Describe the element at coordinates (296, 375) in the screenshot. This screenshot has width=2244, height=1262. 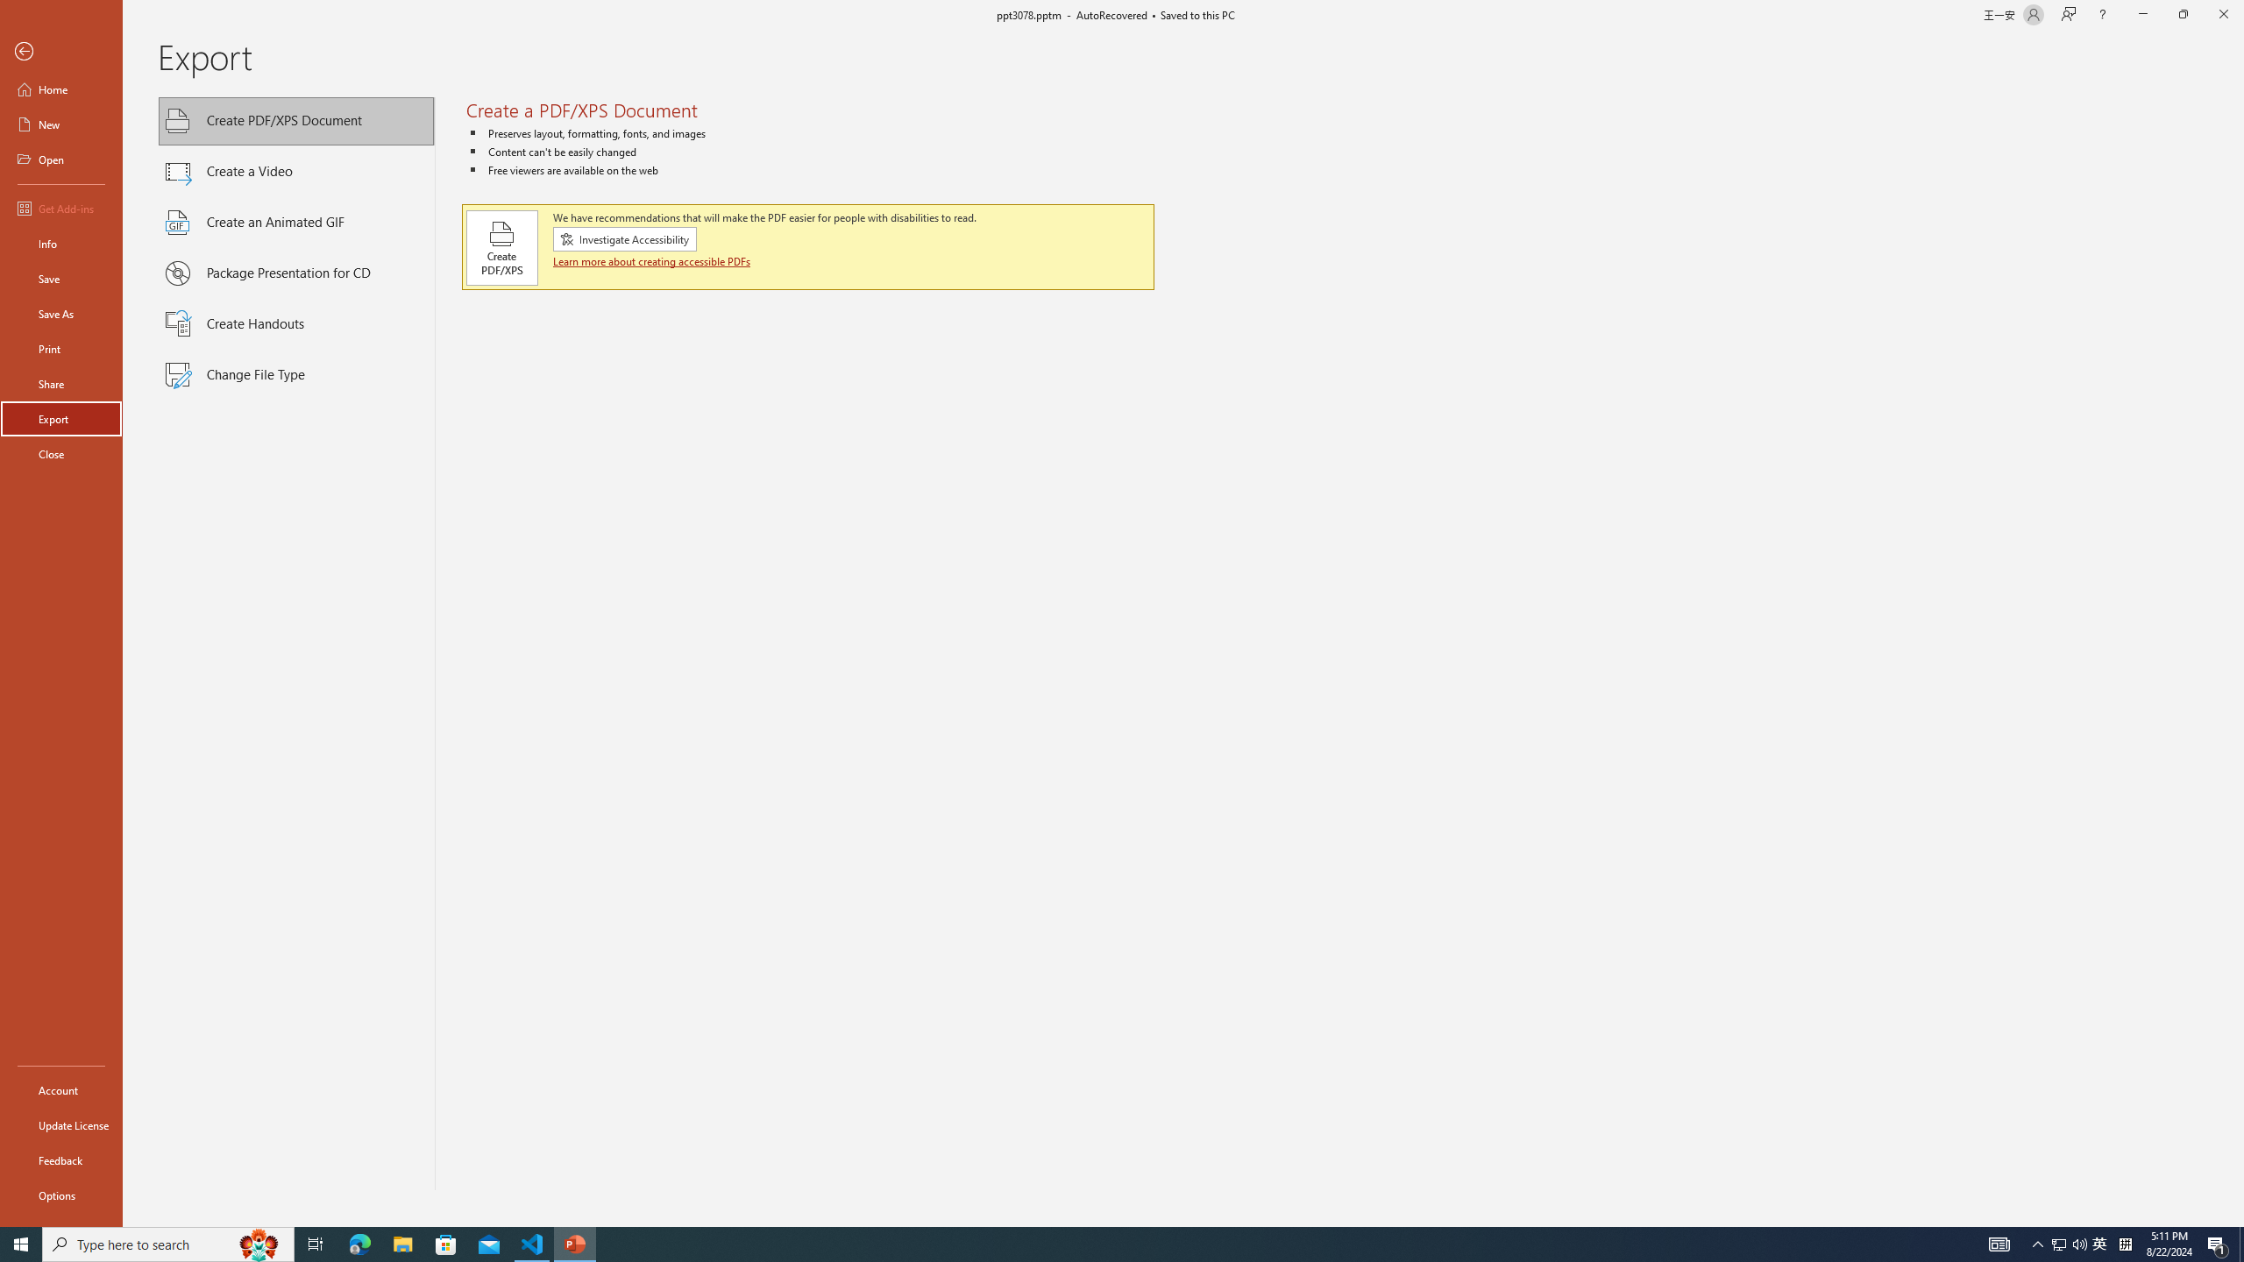
I see `'Change File Type'` at that location.